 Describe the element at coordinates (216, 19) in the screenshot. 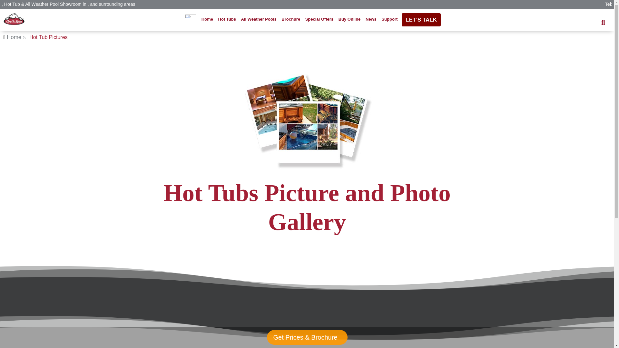

I see `'Hot Tubs'` at that location.